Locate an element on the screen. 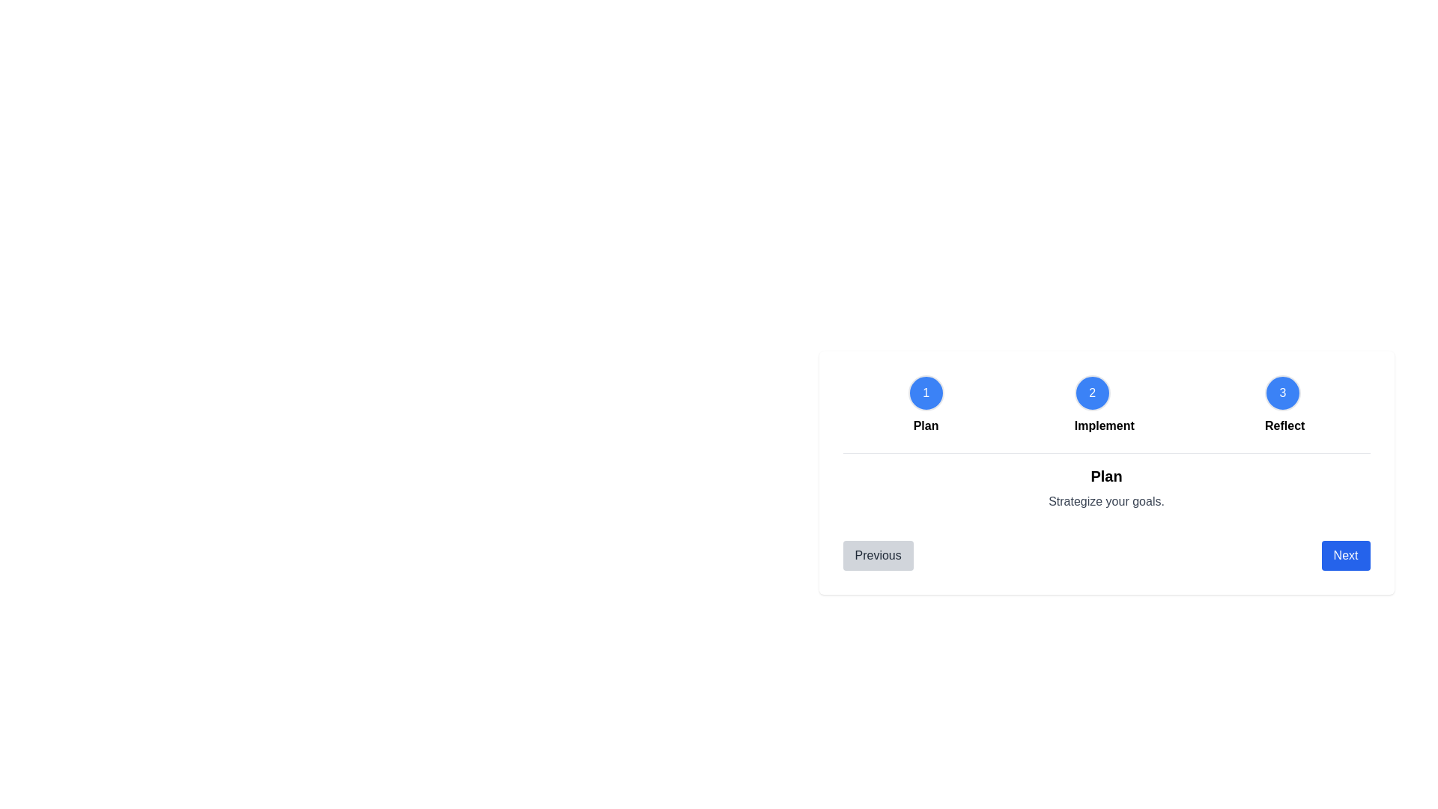 This screenshot has width=1438, height=809. the 'Next' button to proceed to the next step in the milestone stepper is located at coordinates (1345, 555).